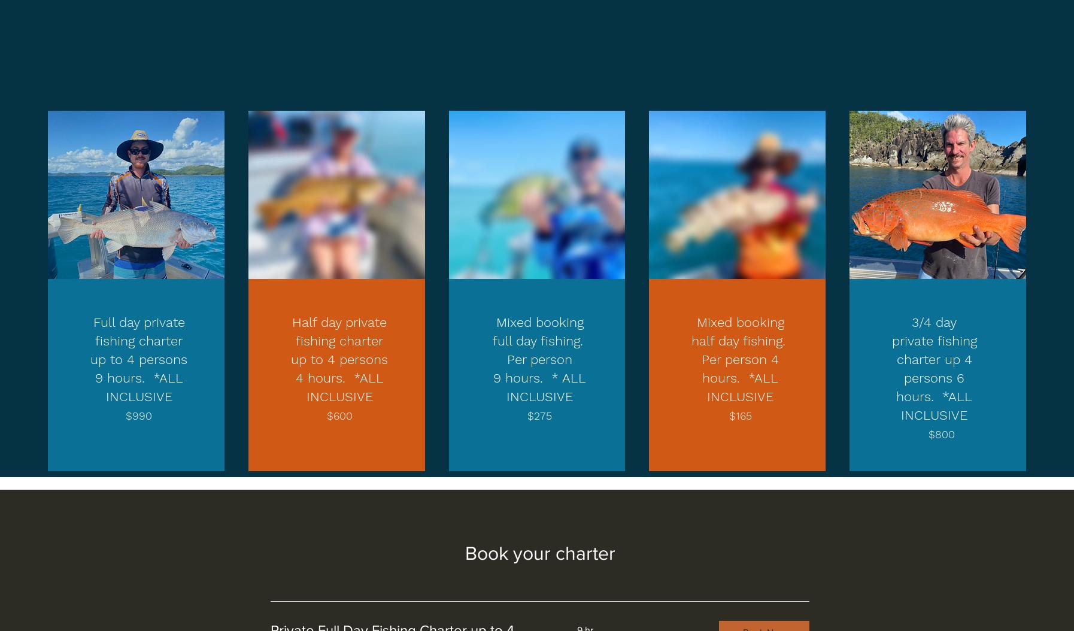  What do you see at coordinates (138, 359) in the screenshot?
I see `'Full day private fishing charter up to 4 persons 9 hours.  *ALL INCLUSIVE'` at bounding box center [138, 359].